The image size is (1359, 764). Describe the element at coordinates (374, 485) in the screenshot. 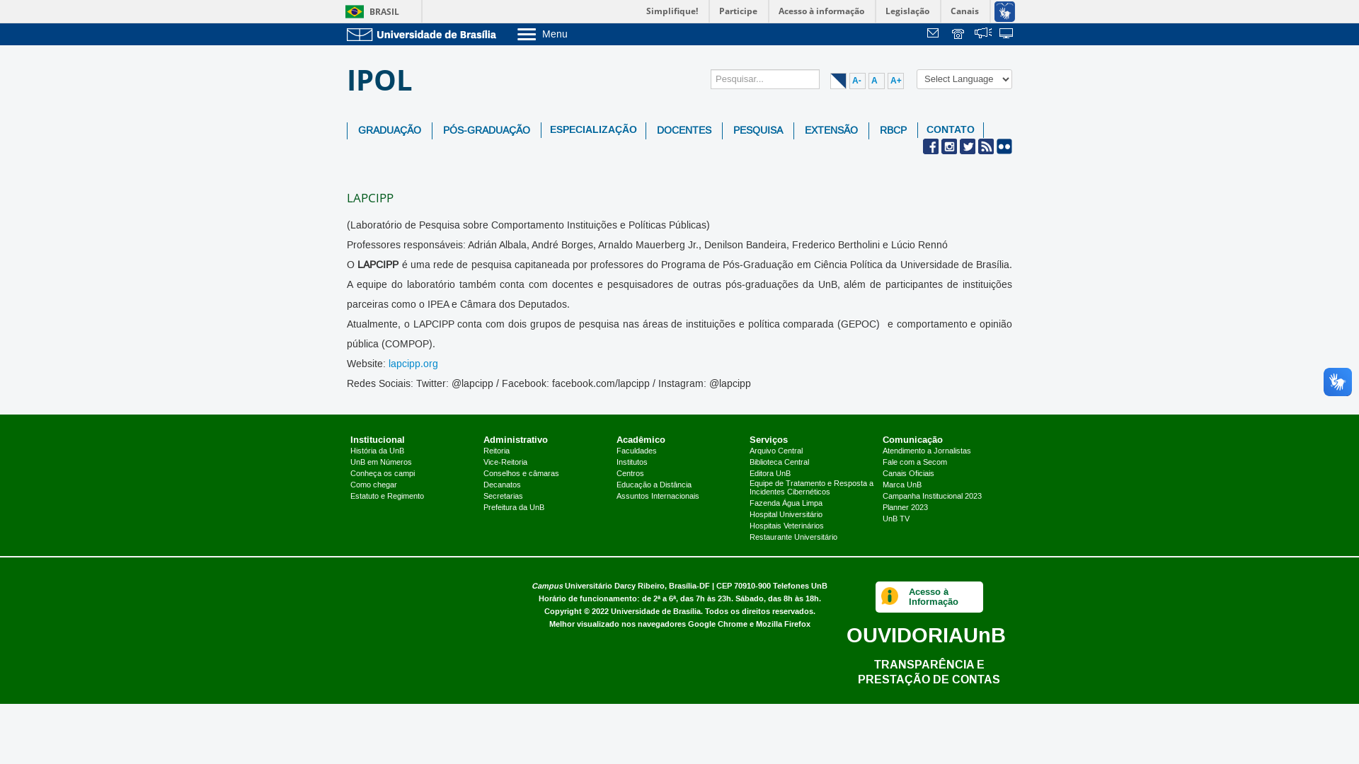

I see `'Como chegar'` at that location.